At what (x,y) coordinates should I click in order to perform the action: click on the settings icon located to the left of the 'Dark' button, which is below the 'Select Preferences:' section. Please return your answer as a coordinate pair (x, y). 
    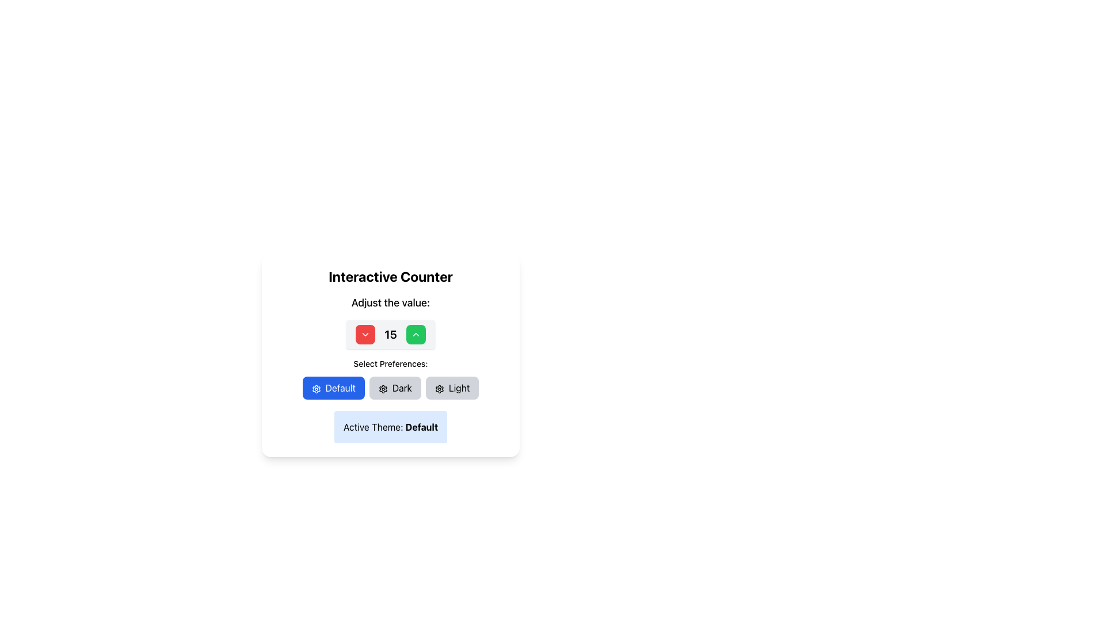
    Looking at the image, I should click on (383, 388).